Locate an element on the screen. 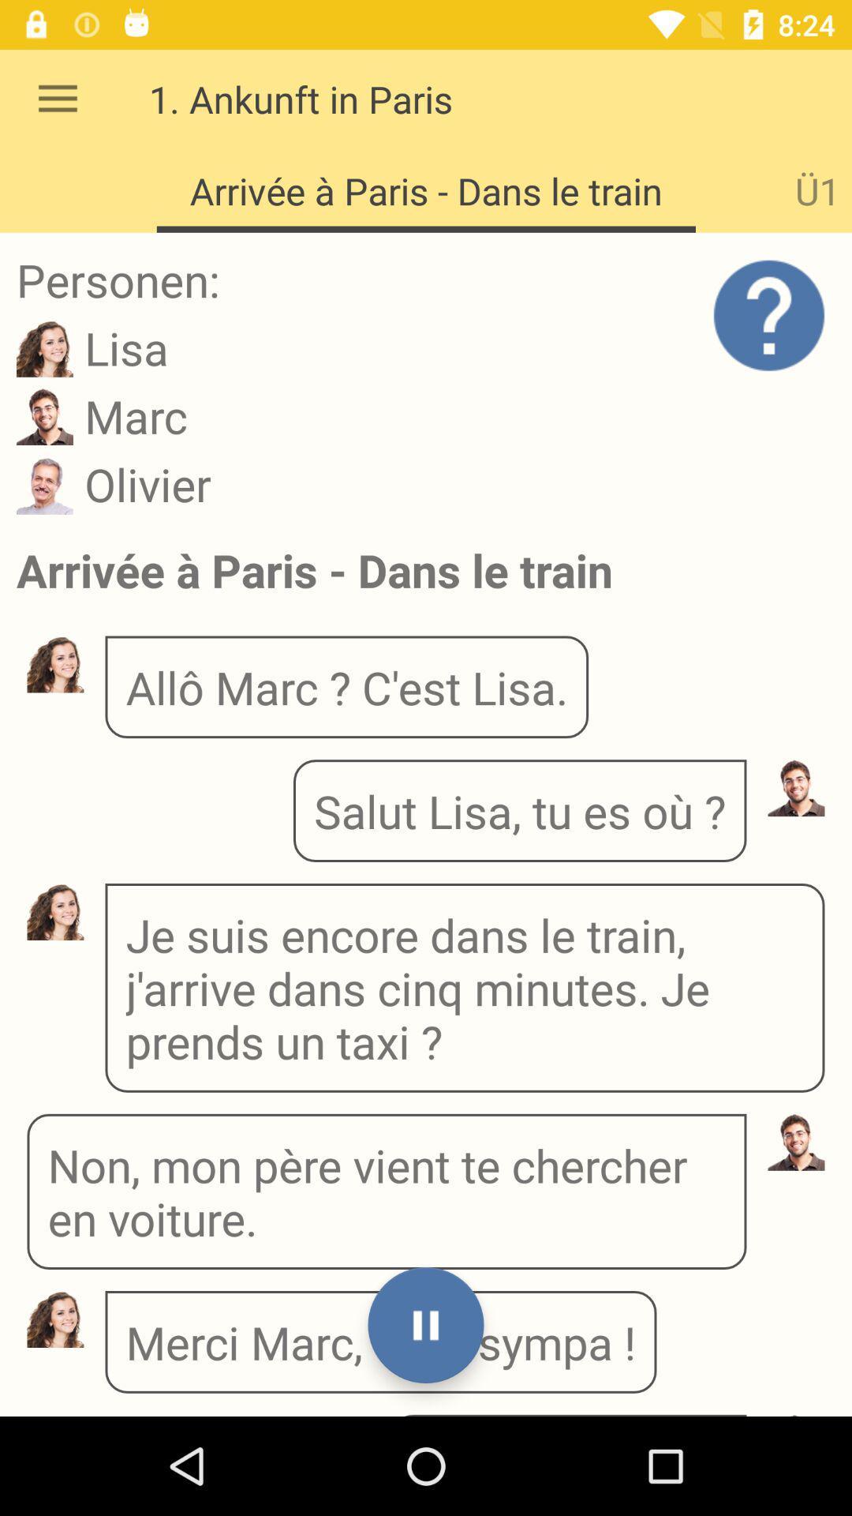 This screenshot has width=852, height=1516. the avatar icon is located at coordinates (54, 664).